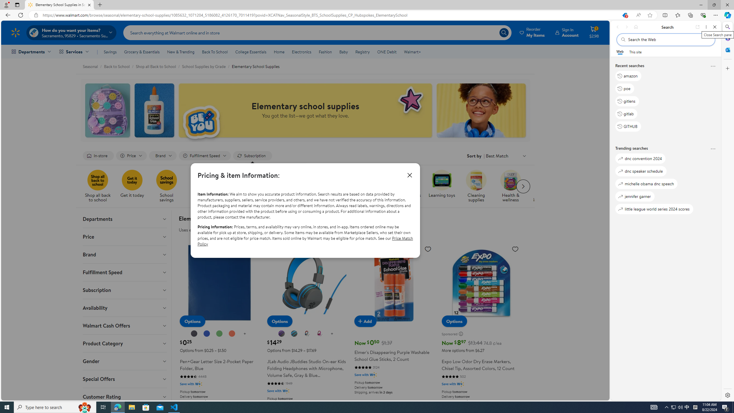  Describe the element at coordinates (654, 209) in the screenshot. I see `'little league world series 2024 scores'` at that location.